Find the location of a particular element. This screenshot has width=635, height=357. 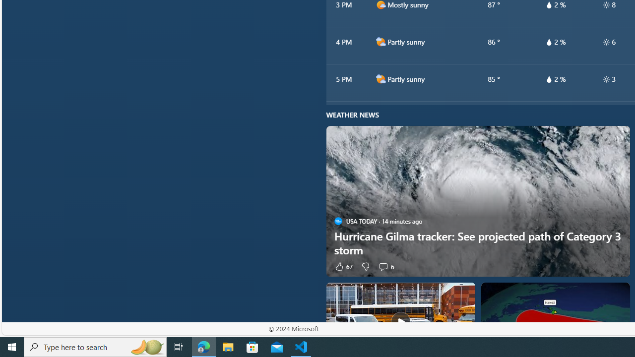

'View comments 6 Comment' is located at coordinates (382, 266).